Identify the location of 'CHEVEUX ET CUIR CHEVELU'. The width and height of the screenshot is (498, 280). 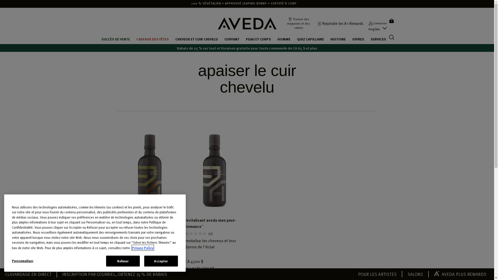
(196, 39).